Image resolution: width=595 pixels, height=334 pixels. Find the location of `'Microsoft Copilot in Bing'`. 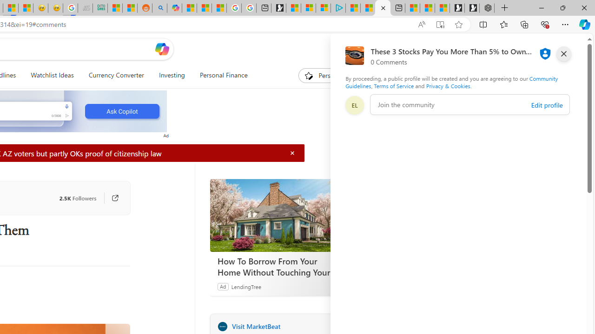

'Microsoft Copilot in Bing' is located at coordinates (174, 8).